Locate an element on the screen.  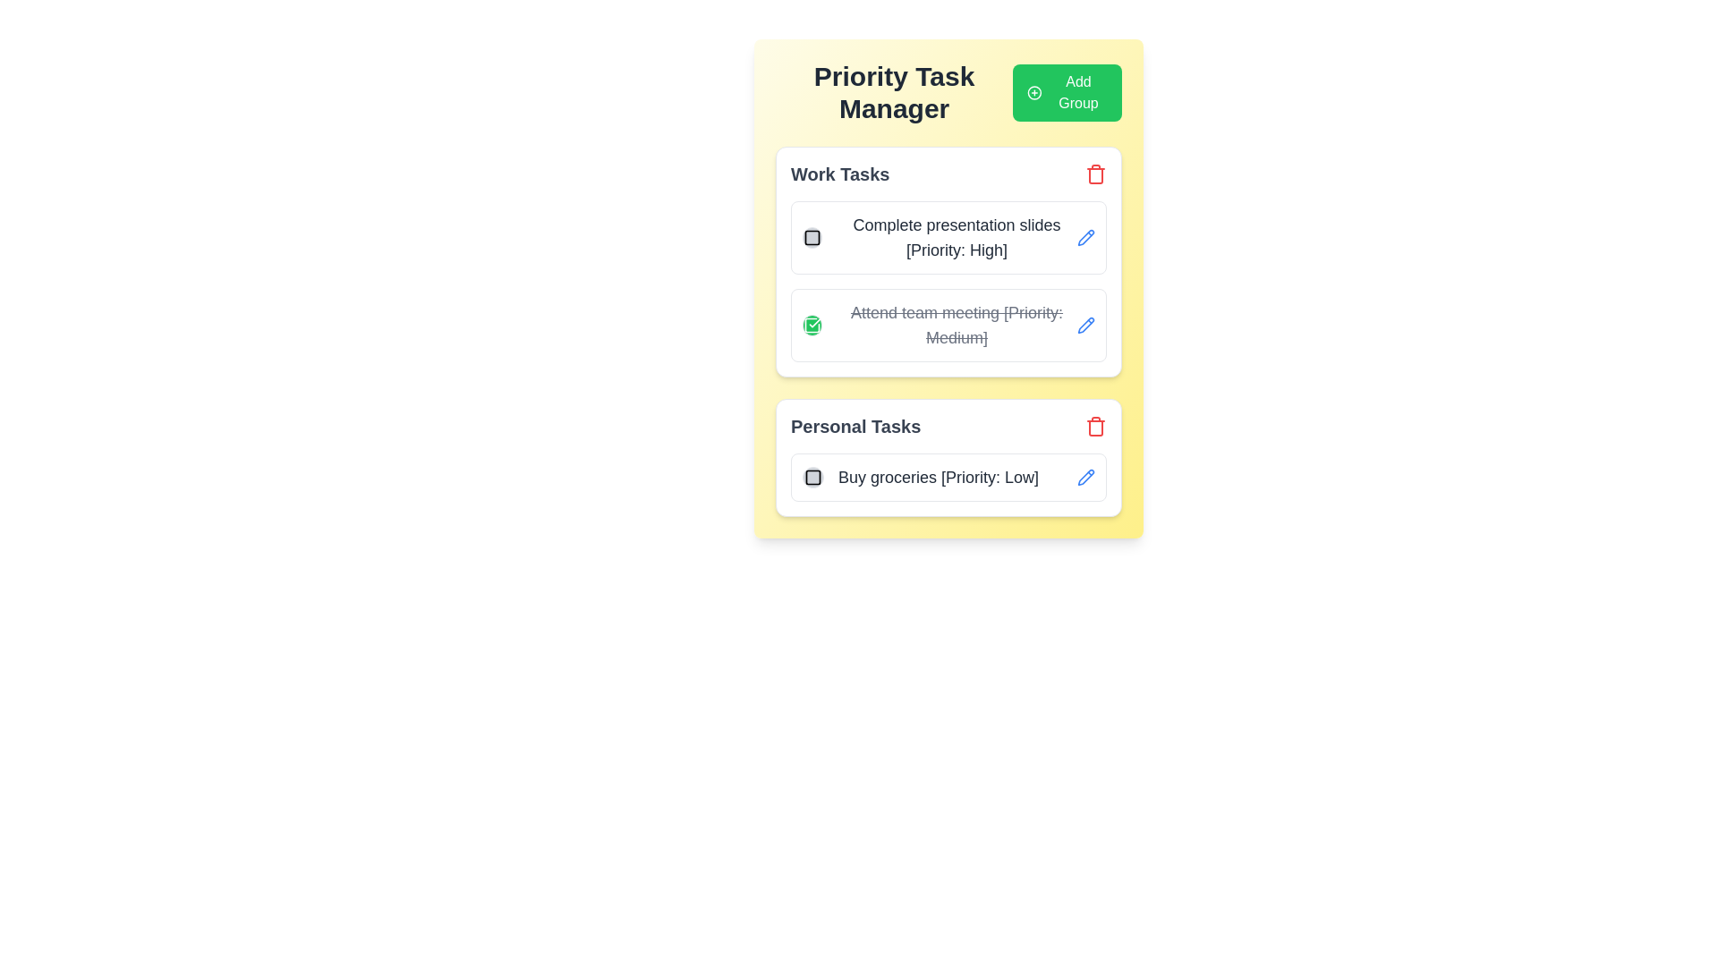
the second task item in the 'Work Tasks' section, which has strikethrough text indicating completion and a green checkbox is located at coordinates (939, 325).